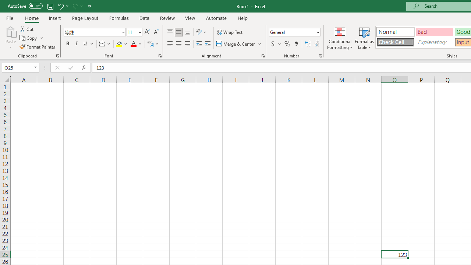 The width and height of the screenshot is (471, 265). Describe the element at coordinates (10, 31) in the screenshot. I see `'Paste'` at that location.